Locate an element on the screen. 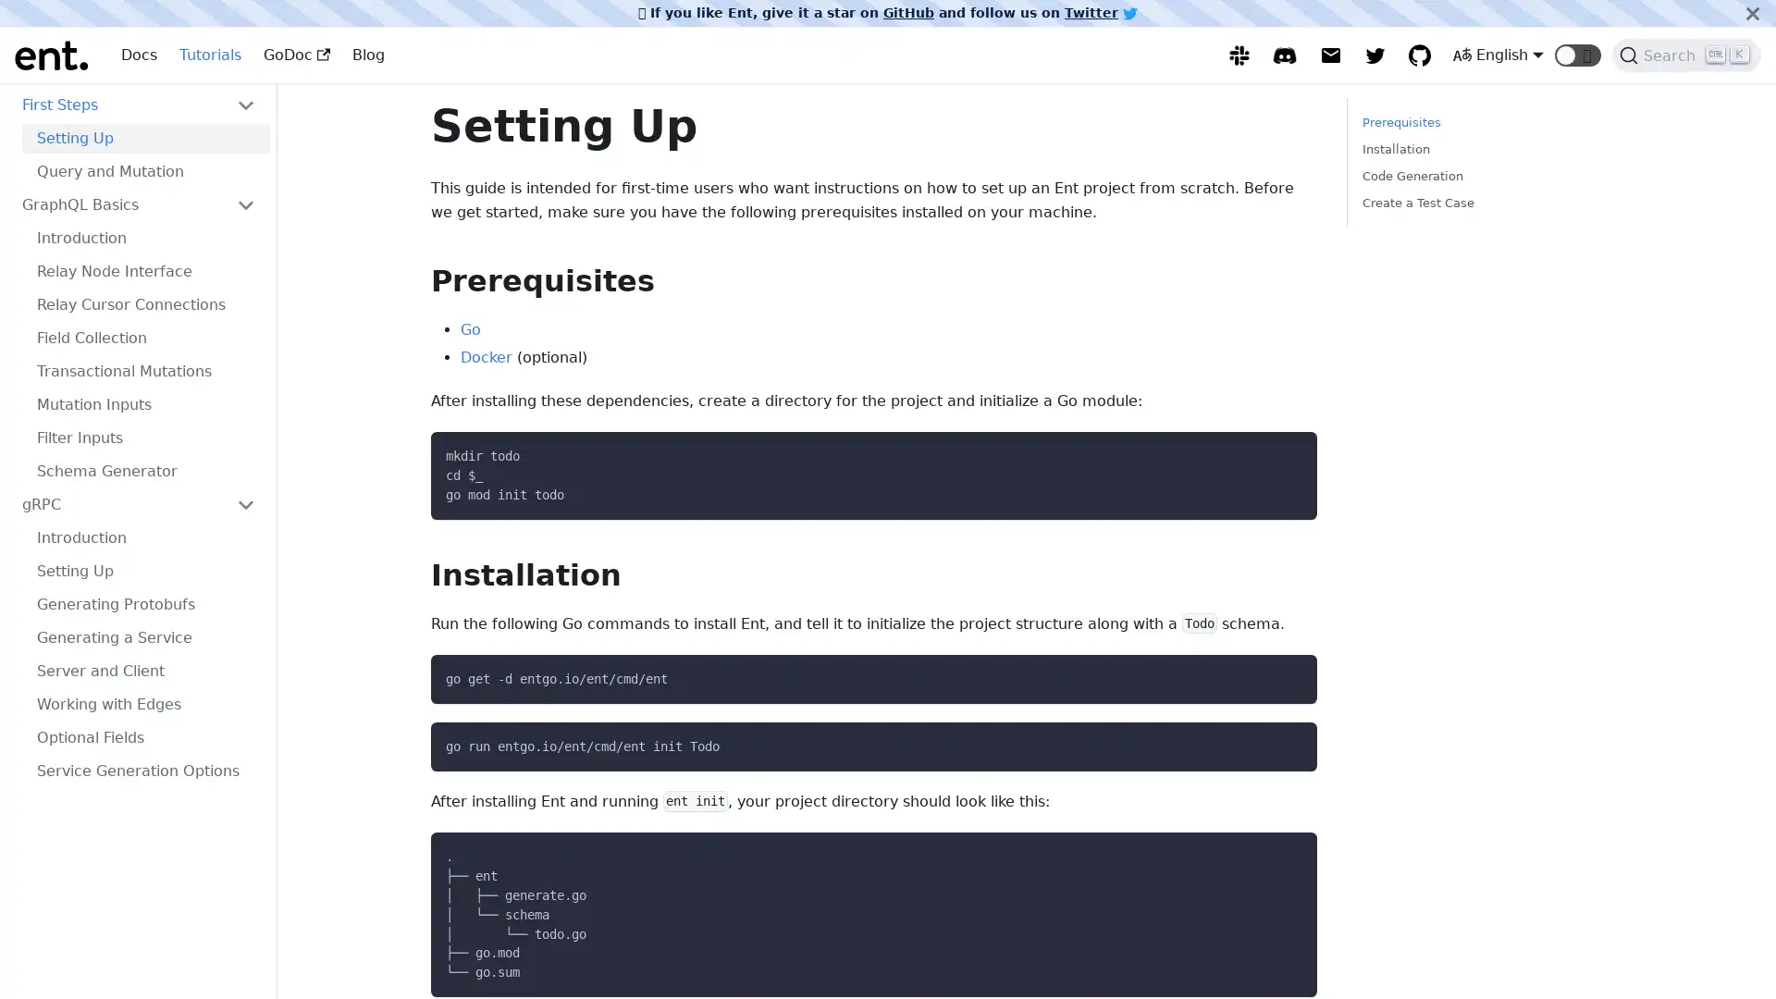 The height and width of the screenshot is (999, 1776). Copy code to clipboard is located at coordinates (1286, 451).